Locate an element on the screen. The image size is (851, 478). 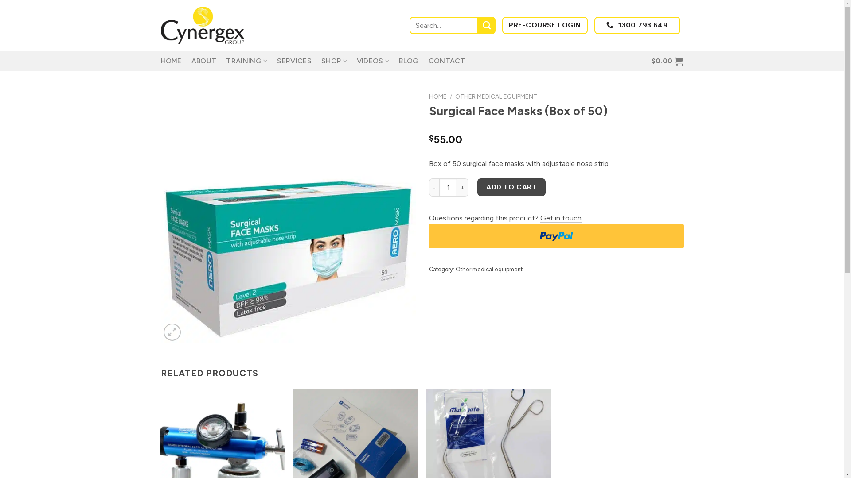
'ABOUT' is located at coordinates (203, 61).